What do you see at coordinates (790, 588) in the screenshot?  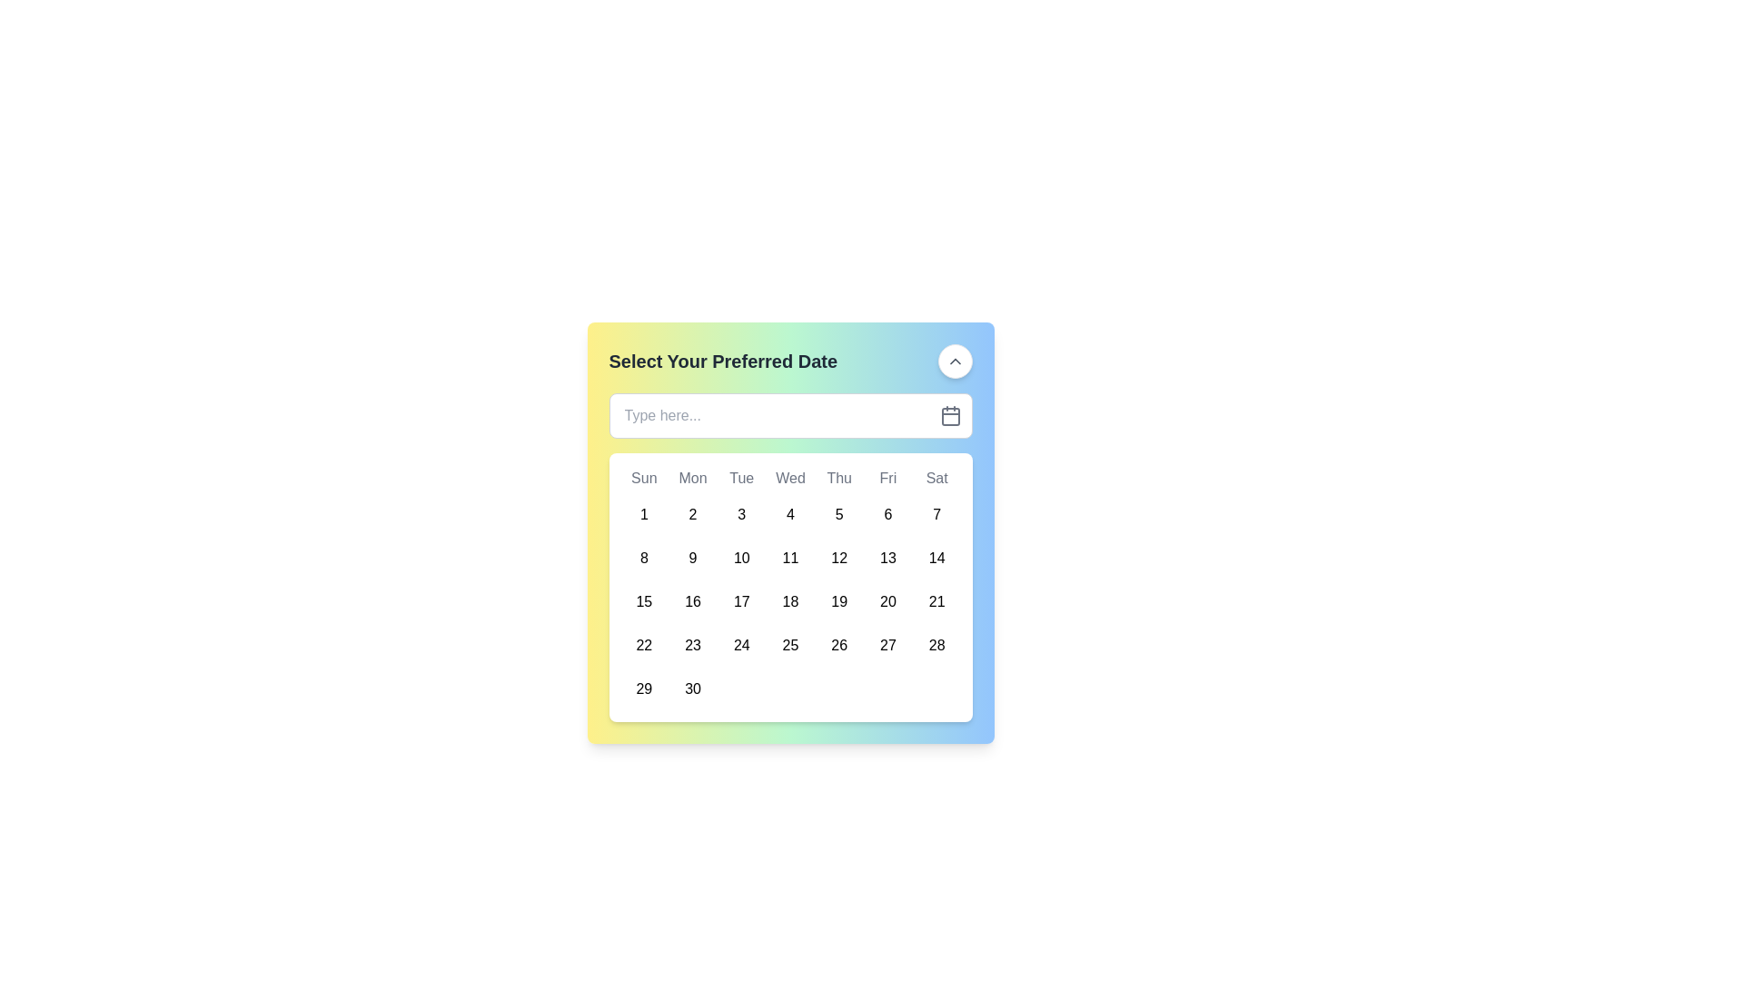 I see `the calendar grid located below the header 'Select Your Preferred Date'` at bounding box center [790, 588].